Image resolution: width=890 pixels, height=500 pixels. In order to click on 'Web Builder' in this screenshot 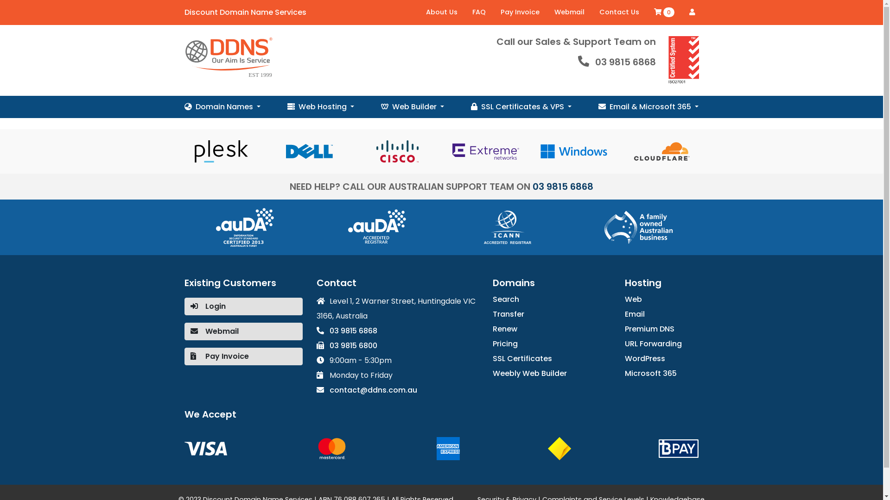, I will do `click(381, 106)`.